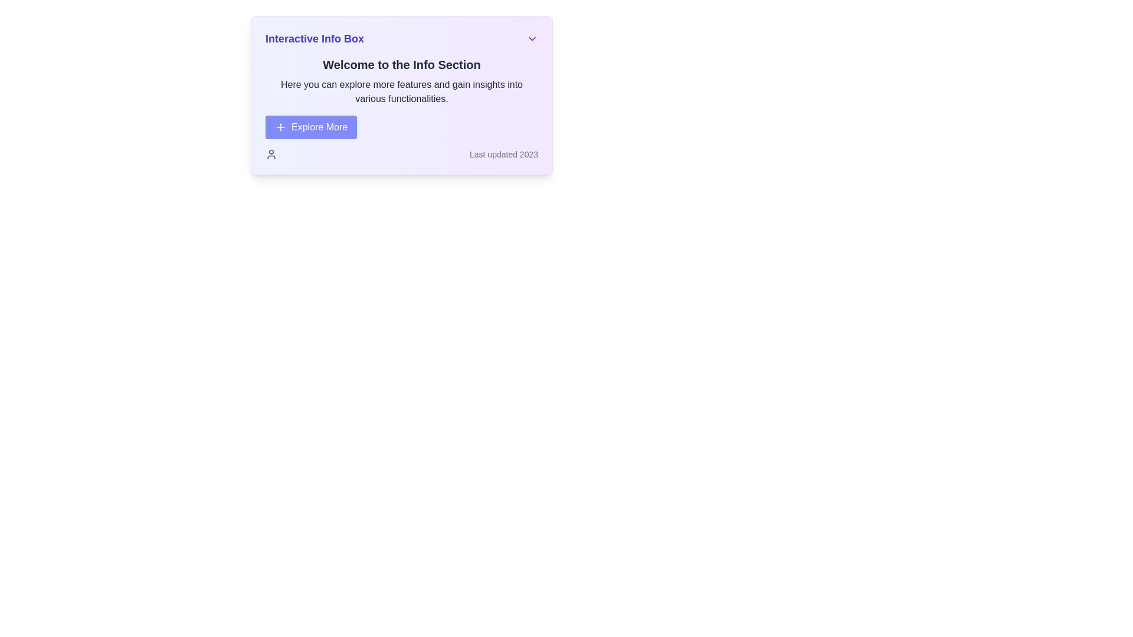 The image size is (1133, 637). Describe the element at coordinates (311, 127) in the screenshot. I see `the call-to-action button located below the 'Welcome to the Info Section' header for keyboard navigation` at that location.